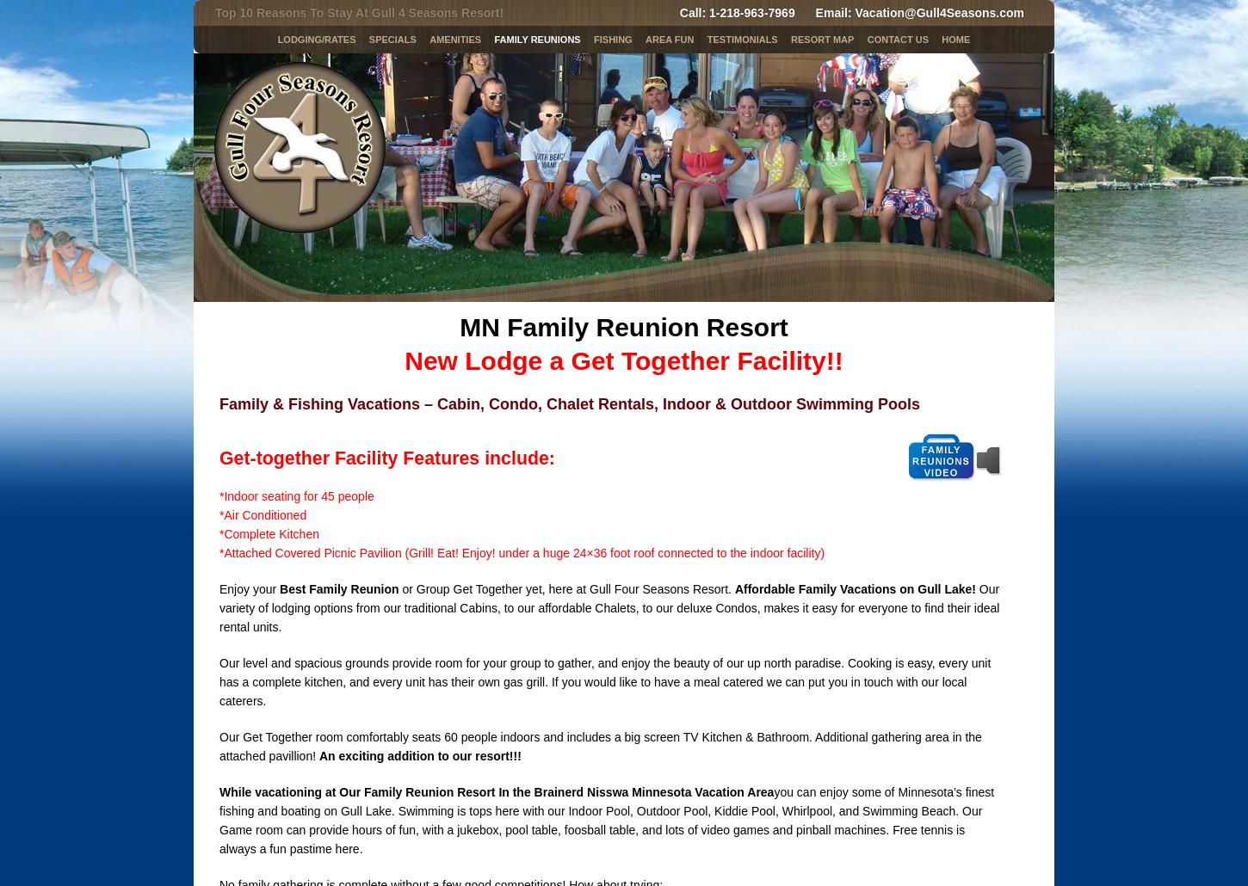 The image size is (1248, 886). I want to click on 'Get-together Facility Features include:', so click(386, 458).